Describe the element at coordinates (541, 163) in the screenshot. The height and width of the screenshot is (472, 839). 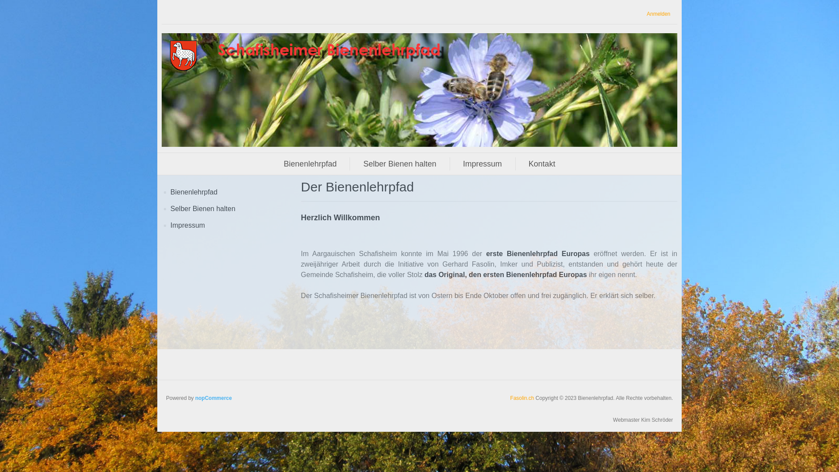
I see `'Kontakt'` at that location.